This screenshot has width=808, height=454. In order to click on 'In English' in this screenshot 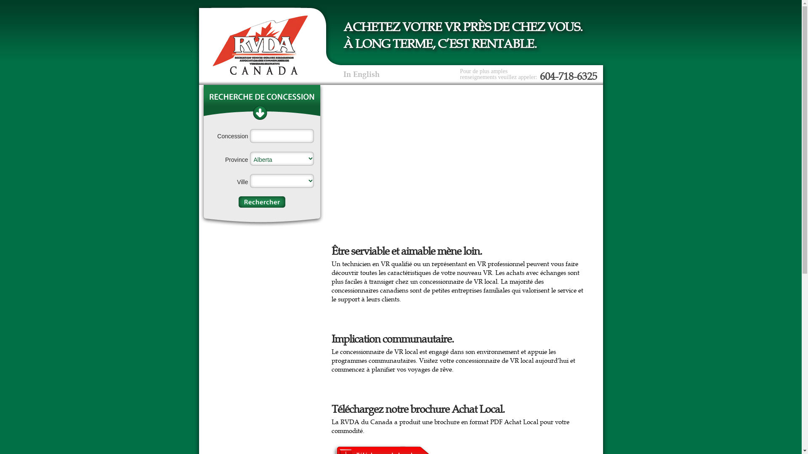, I will do `click(361, 74)`.